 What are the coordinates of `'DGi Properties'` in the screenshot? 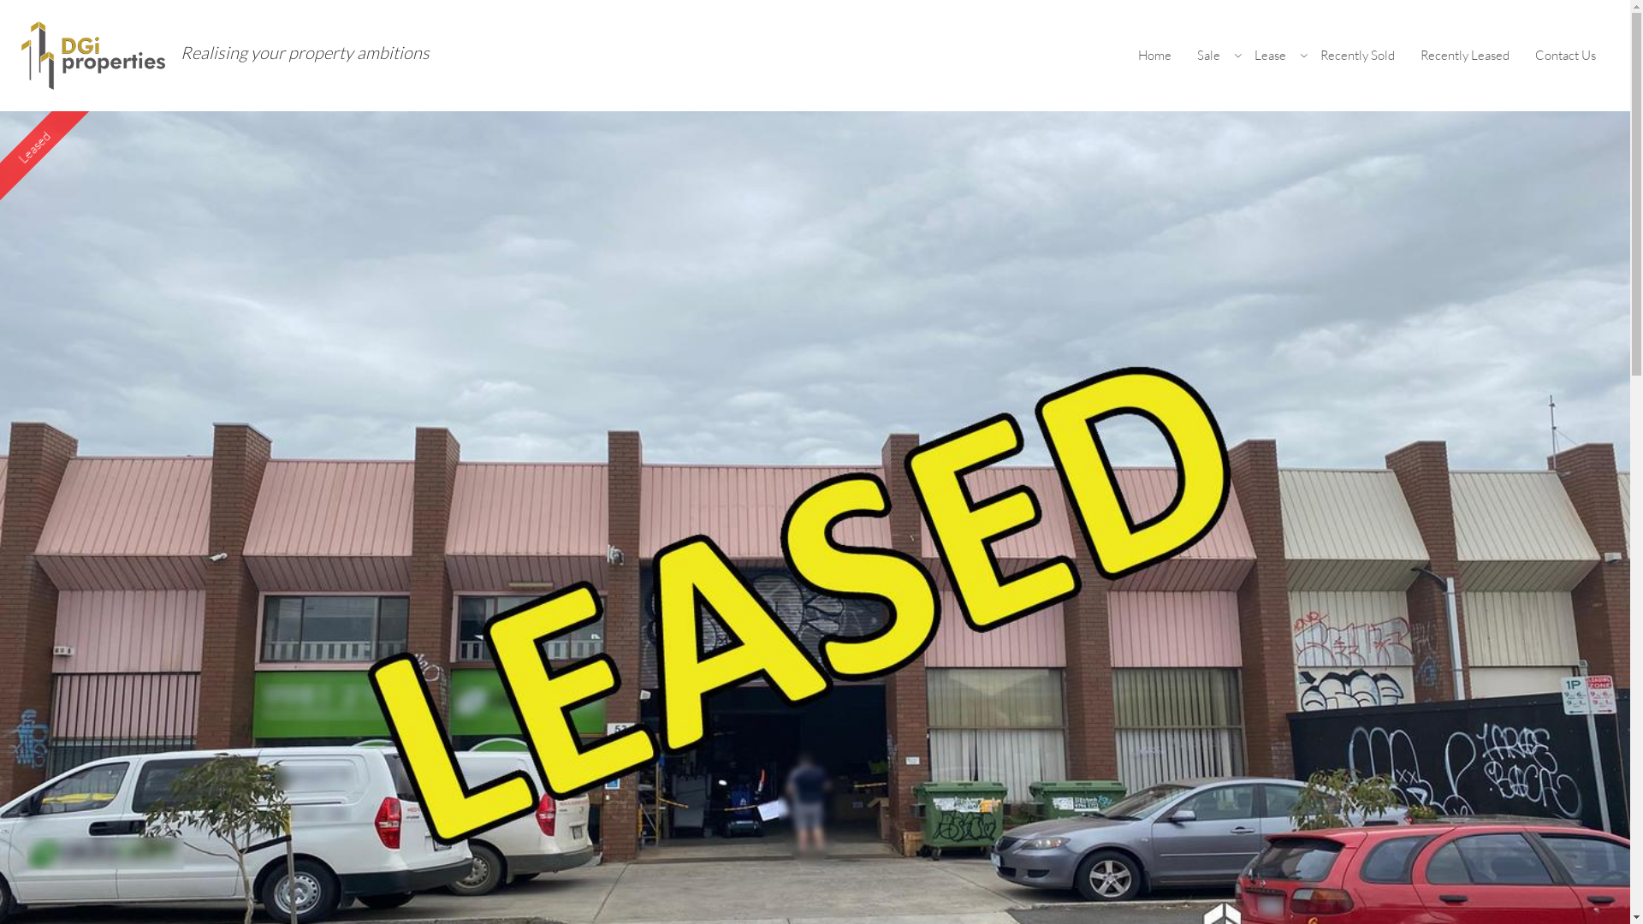 It's located at (93, 53).